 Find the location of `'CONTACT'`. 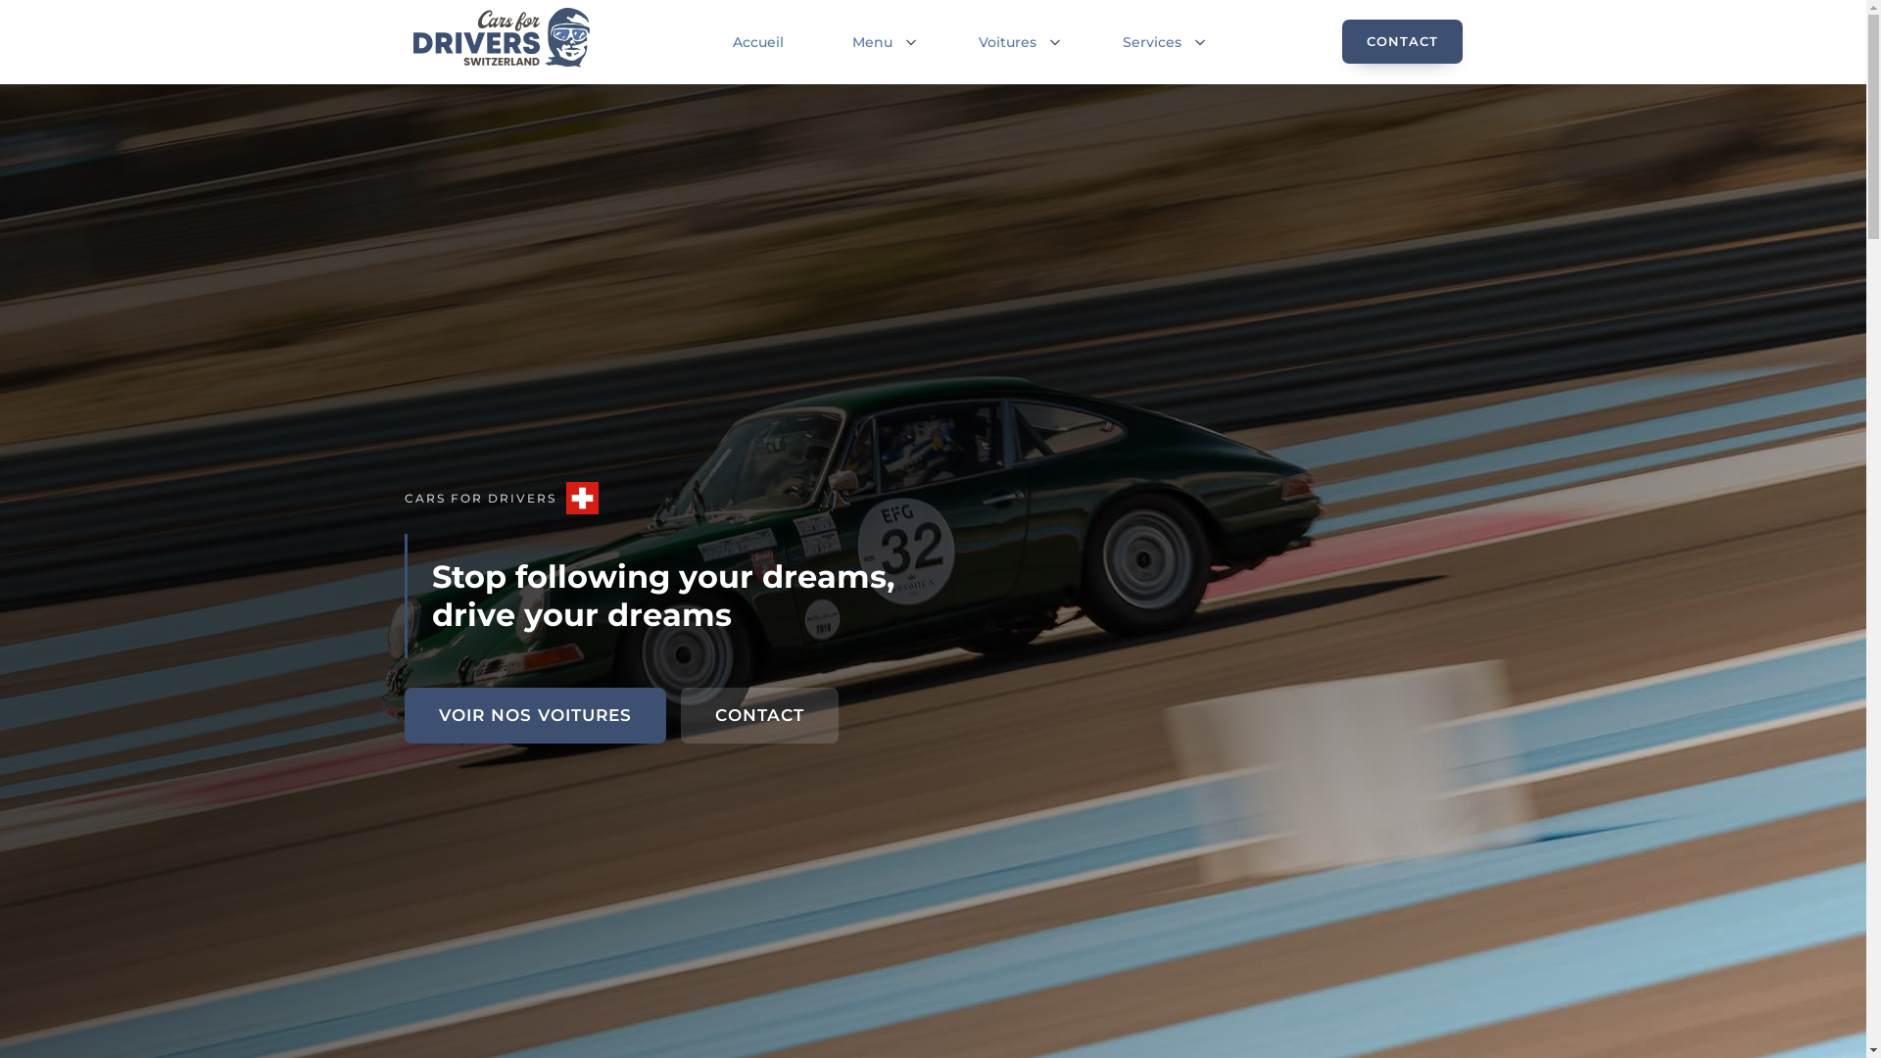

'CONTACT' is located at coordinates (680, 715).